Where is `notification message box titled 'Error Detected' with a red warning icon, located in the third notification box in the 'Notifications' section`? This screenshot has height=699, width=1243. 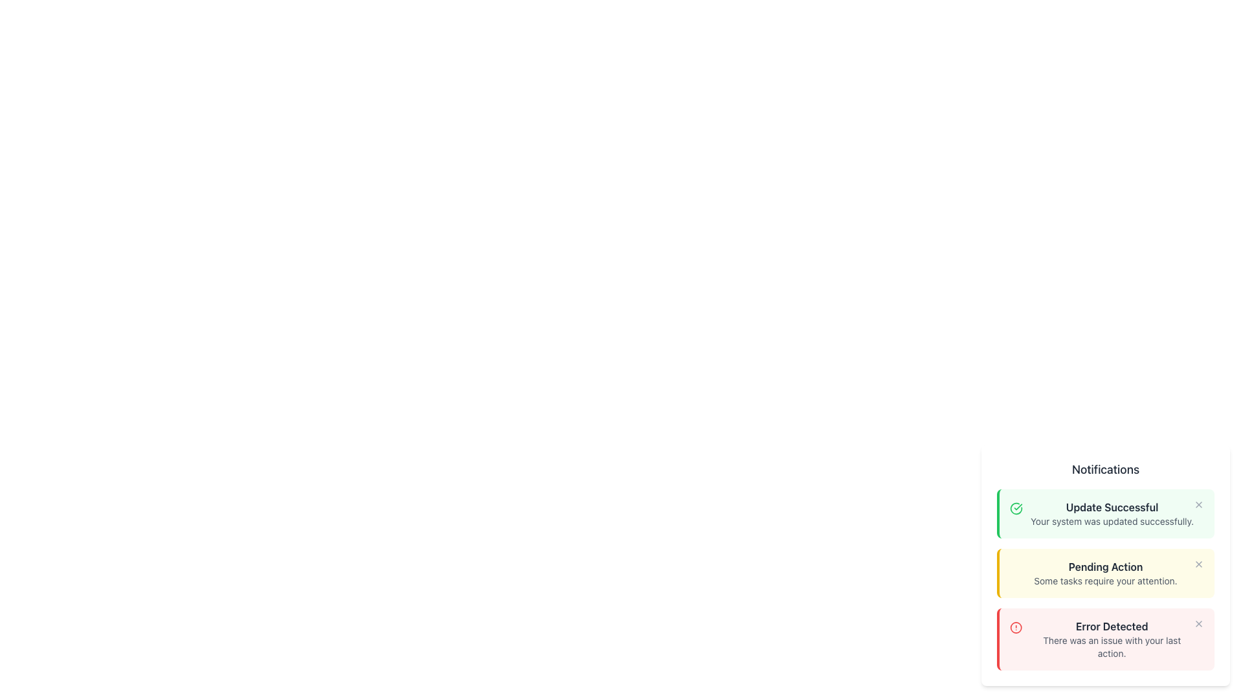
notification message box titled 'Error Detected' with a red warning icon, located in the third notification box in the 'Notifications' section is located at coordinates (1106, 638).